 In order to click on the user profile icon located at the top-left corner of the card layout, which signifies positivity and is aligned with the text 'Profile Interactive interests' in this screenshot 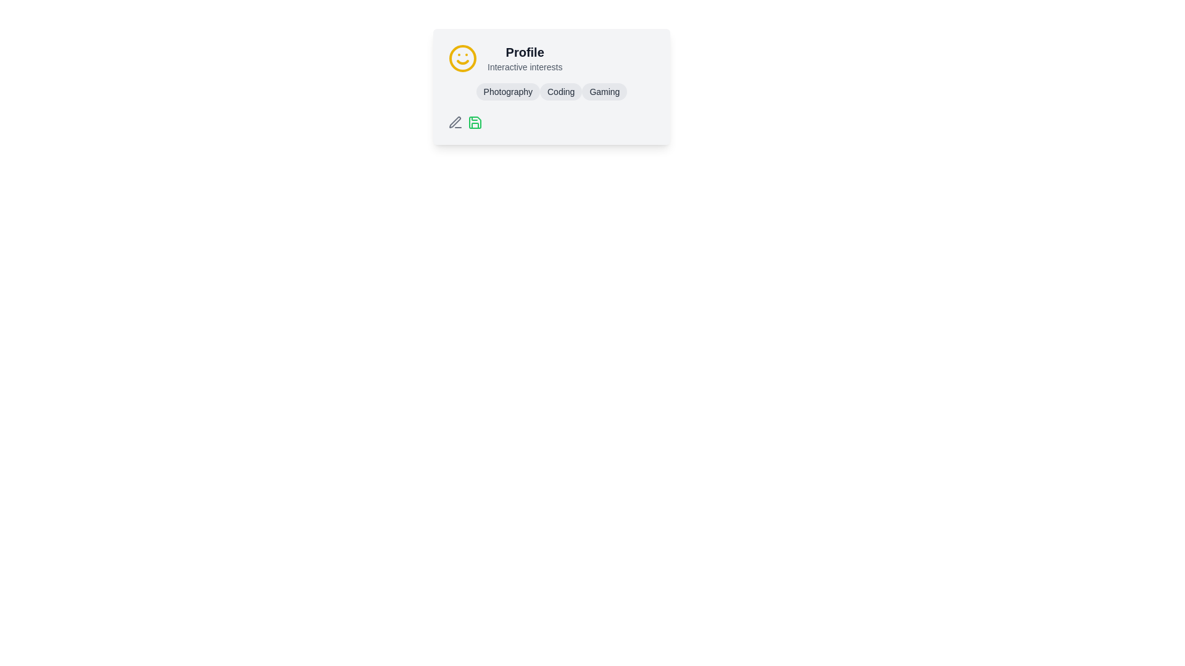, I will do `click(462, 59)`.